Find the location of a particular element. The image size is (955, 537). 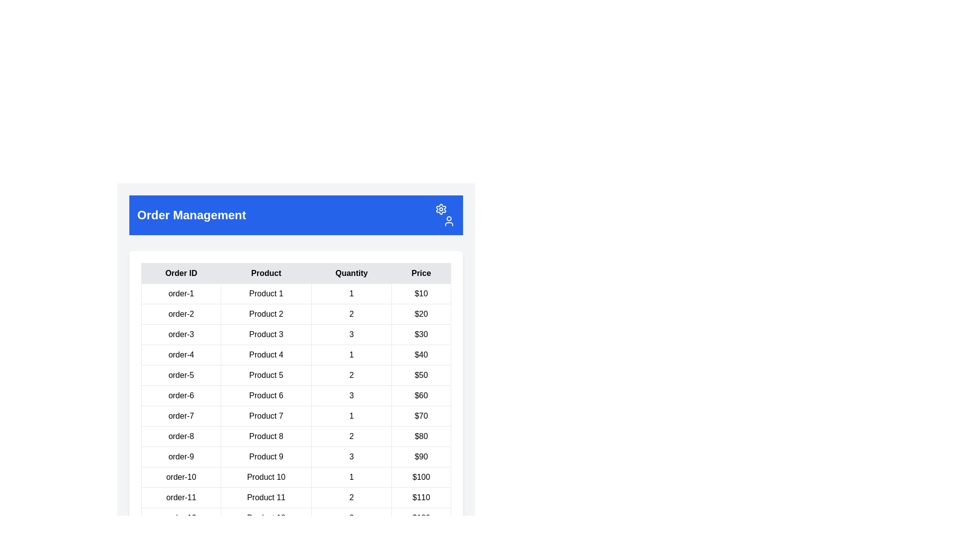

the Table Cell that displays the quantity of the product in the first row of the table to highlight it is located at coordinates (351, 293).